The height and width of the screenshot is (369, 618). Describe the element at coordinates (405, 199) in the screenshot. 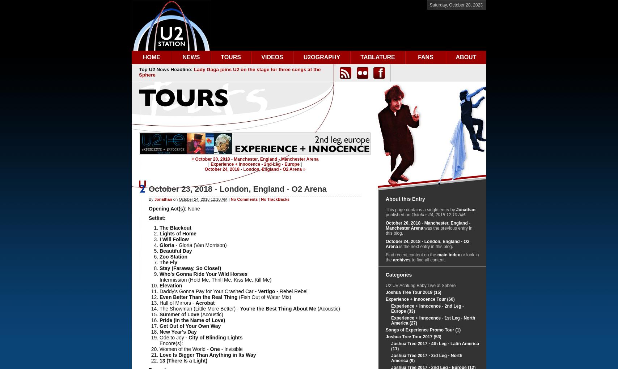

I see `'About this Entry'` at that location.